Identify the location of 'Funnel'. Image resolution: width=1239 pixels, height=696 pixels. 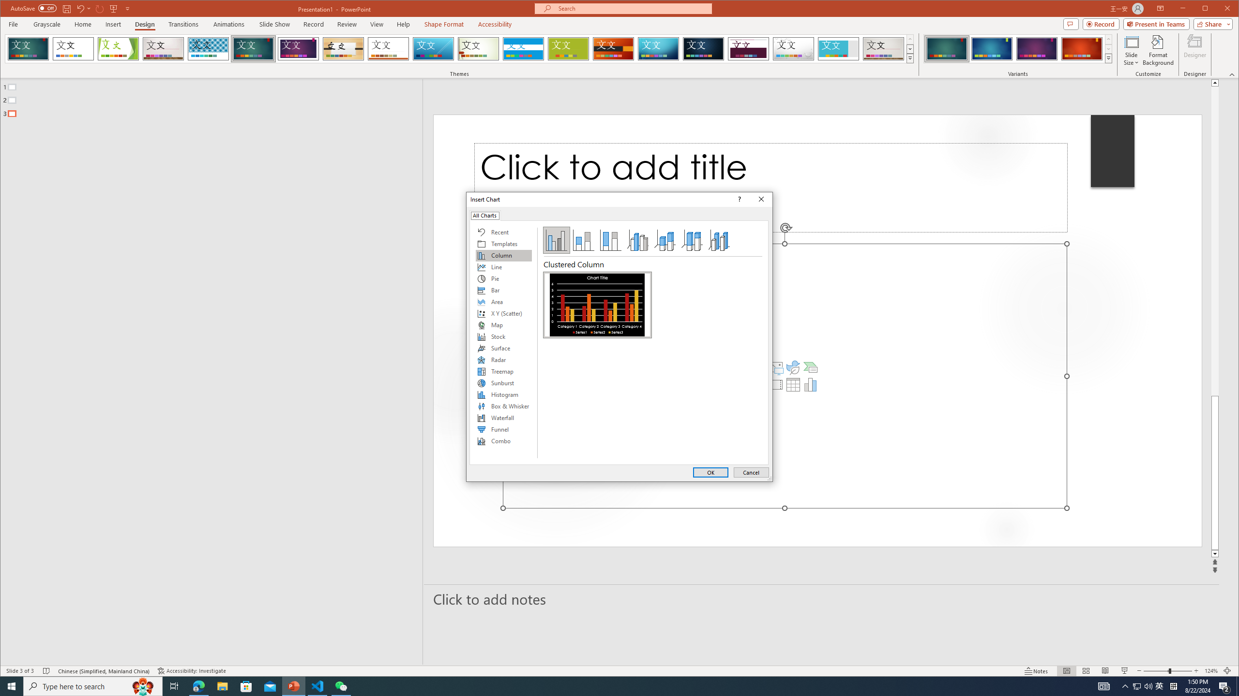
(503, 429).